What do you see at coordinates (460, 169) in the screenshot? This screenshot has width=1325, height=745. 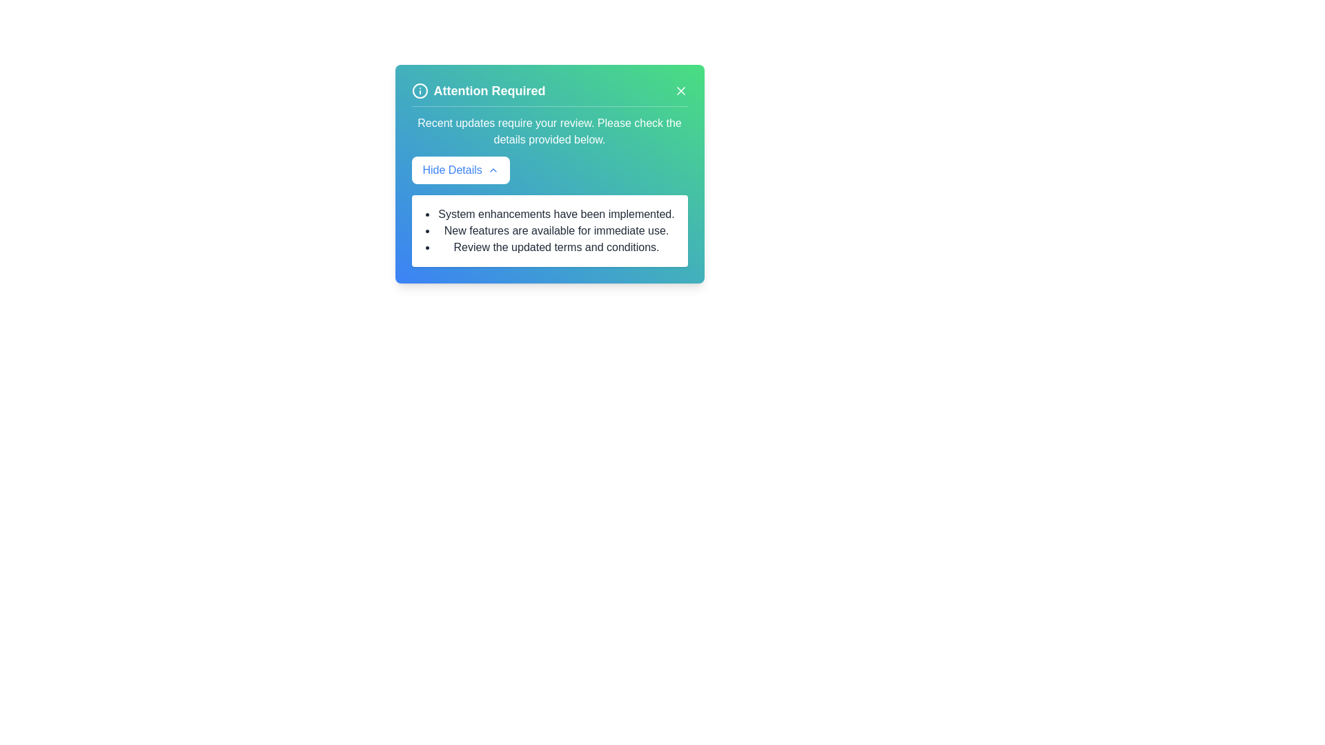 I see `the 'Hide Details' button to toggle the visibility of the details section` at bounding box center [460, 169].